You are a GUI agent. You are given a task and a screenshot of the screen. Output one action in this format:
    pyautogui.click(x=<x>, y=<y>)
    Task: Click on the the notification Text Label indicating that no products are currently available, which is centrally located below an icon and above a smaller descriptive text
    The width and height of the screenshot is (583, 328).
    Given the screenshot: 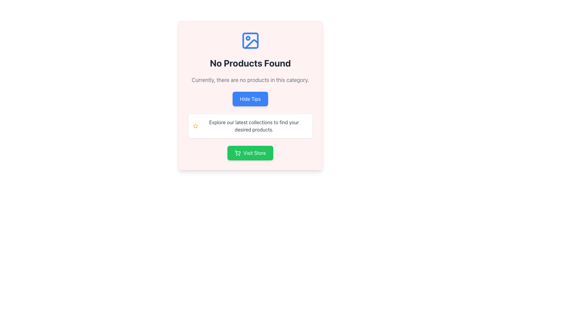 What is the action you would take?
    pyautogui.click(x=250, y=63)
    